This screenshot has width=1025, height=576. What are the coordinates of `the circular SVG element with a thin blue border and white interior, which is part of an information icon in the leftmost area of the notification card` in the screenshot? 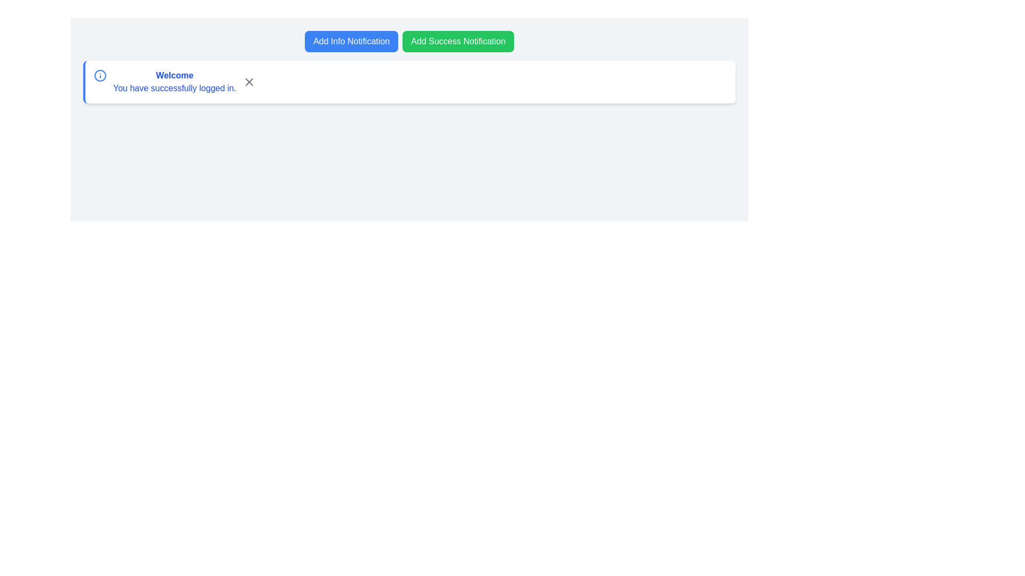 It's located at (100, 75).